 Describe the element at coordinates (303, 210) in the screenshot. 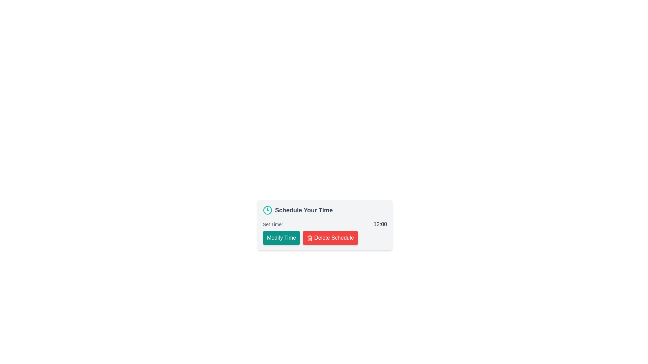

I see `the text label that serves as the header for the scheduling section, located between a clock icon on the left and a time display on the right` at that location.